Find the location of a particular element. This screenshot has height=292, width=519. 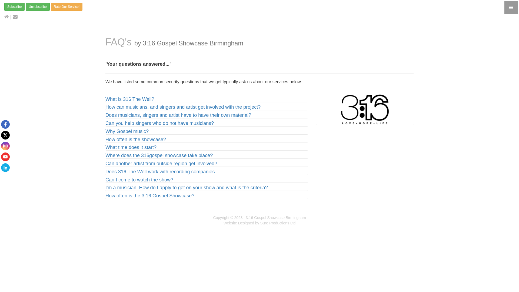

'Twitter' is located at coordinates (5, 135).